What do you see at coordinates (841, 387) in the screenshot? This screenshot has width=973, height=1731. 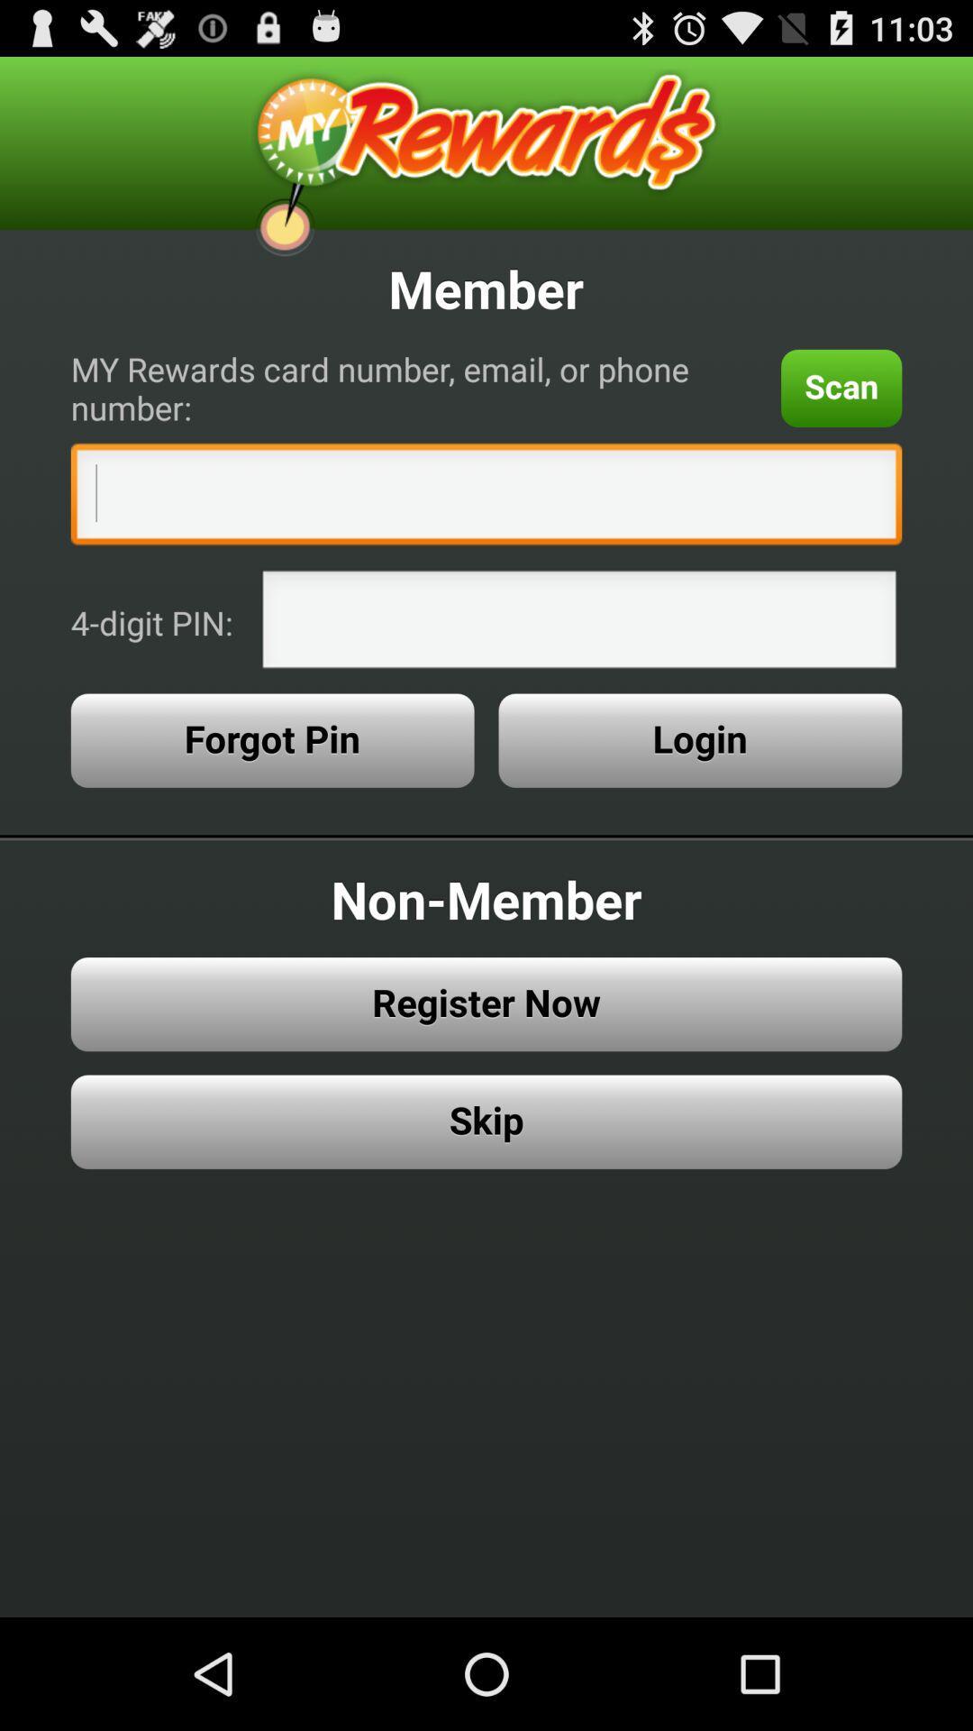 I see `the icon next to the my rewards card` at bounding box center [841, 387].